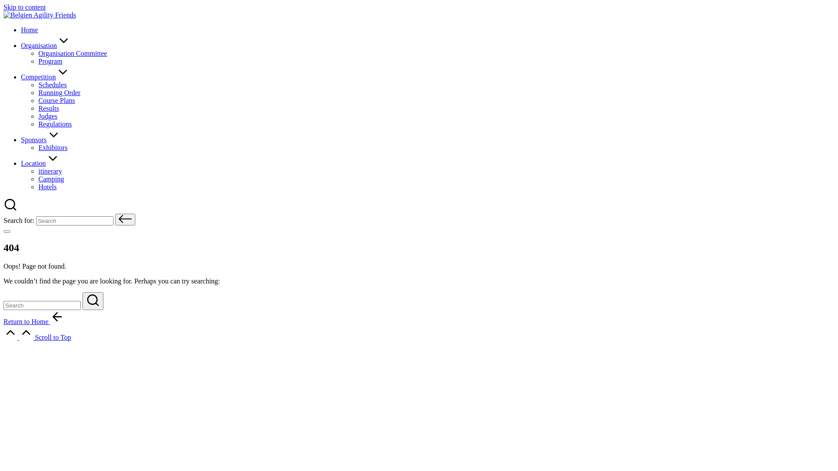 This screenshot has height=471, width=838. I want to click on 'Results', so click(38, 108).